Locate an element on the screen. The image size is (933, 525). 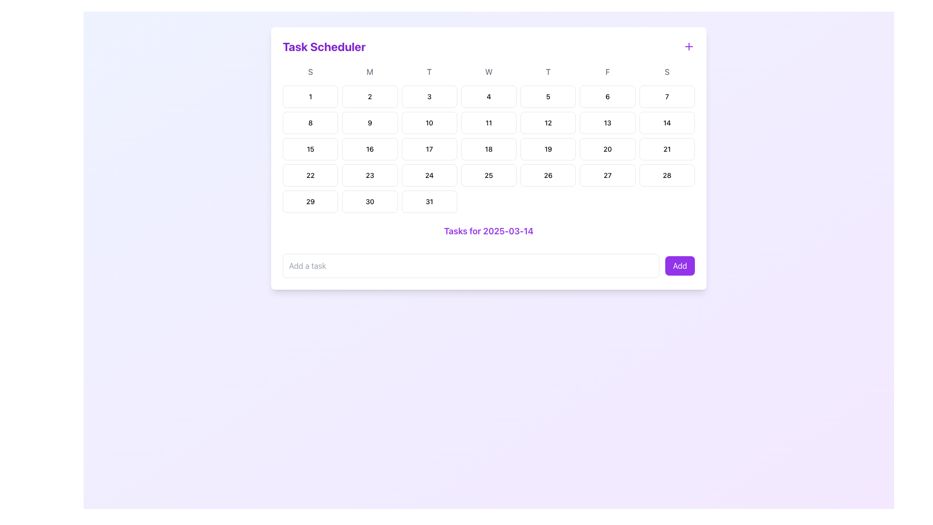
the button labeled '31', which is a rectangular button with rounded corners, white background, and contains the text '31' in black font, located in the bottom-right corner of the calendar grid is located at coordinates (429, 201).